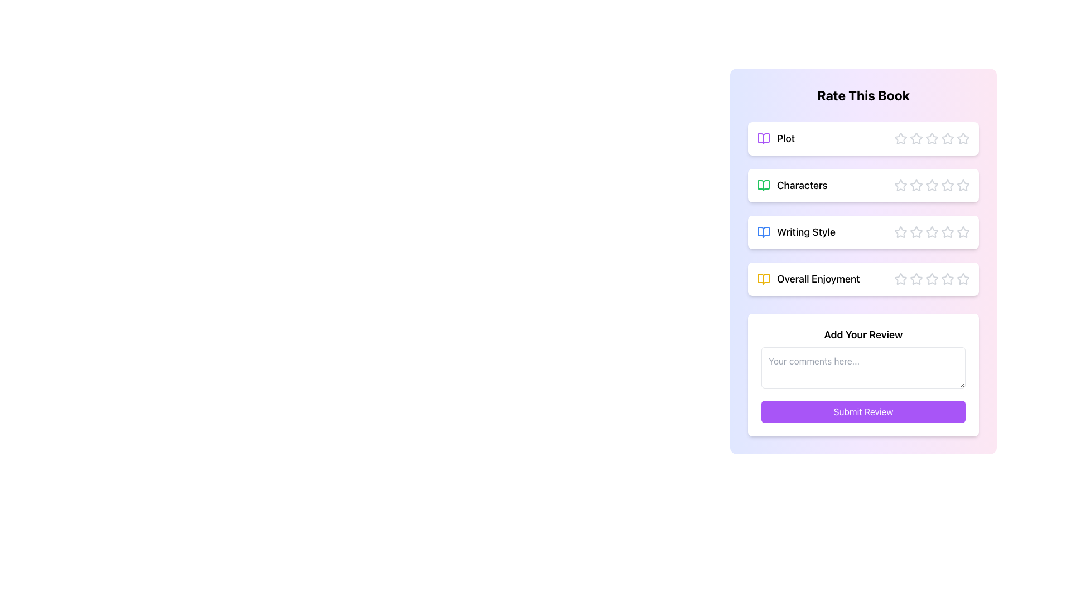  Describe the element at coordinates (947, 138) in the screenshot. I see `the fifth star in the 5-star rating system within the 'Plot' section of the rating interface` at that location.